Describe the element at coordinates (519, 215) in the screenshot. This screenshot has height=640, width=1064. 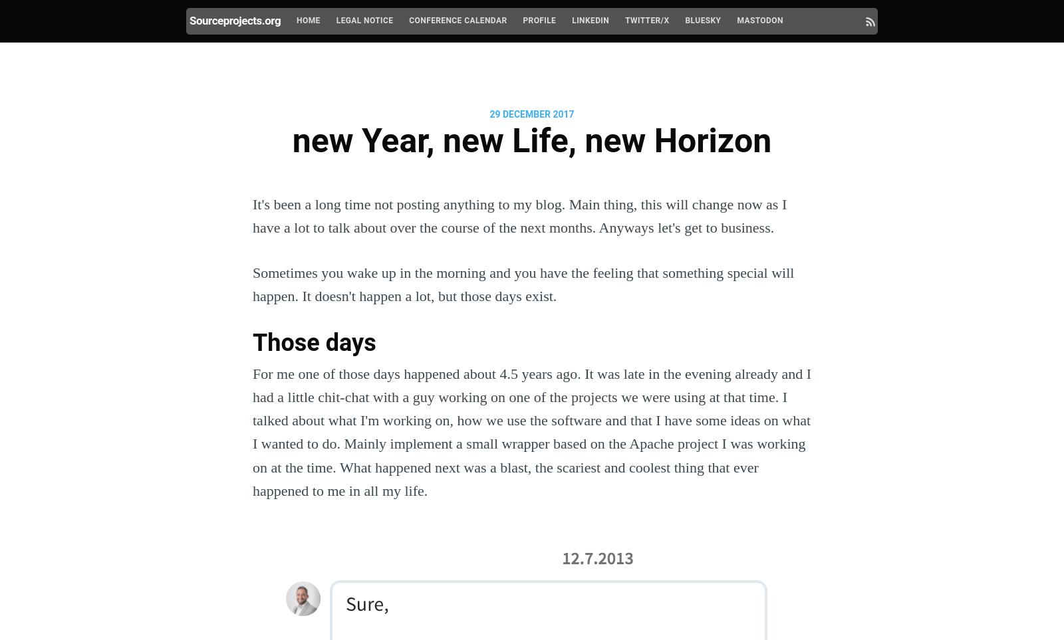
I see `'It's been a long time not posting anything to my blog. Main thing, this will change now as I have a lot to talk about over the course of the next months. Anyways let's get to business.'` at that location.